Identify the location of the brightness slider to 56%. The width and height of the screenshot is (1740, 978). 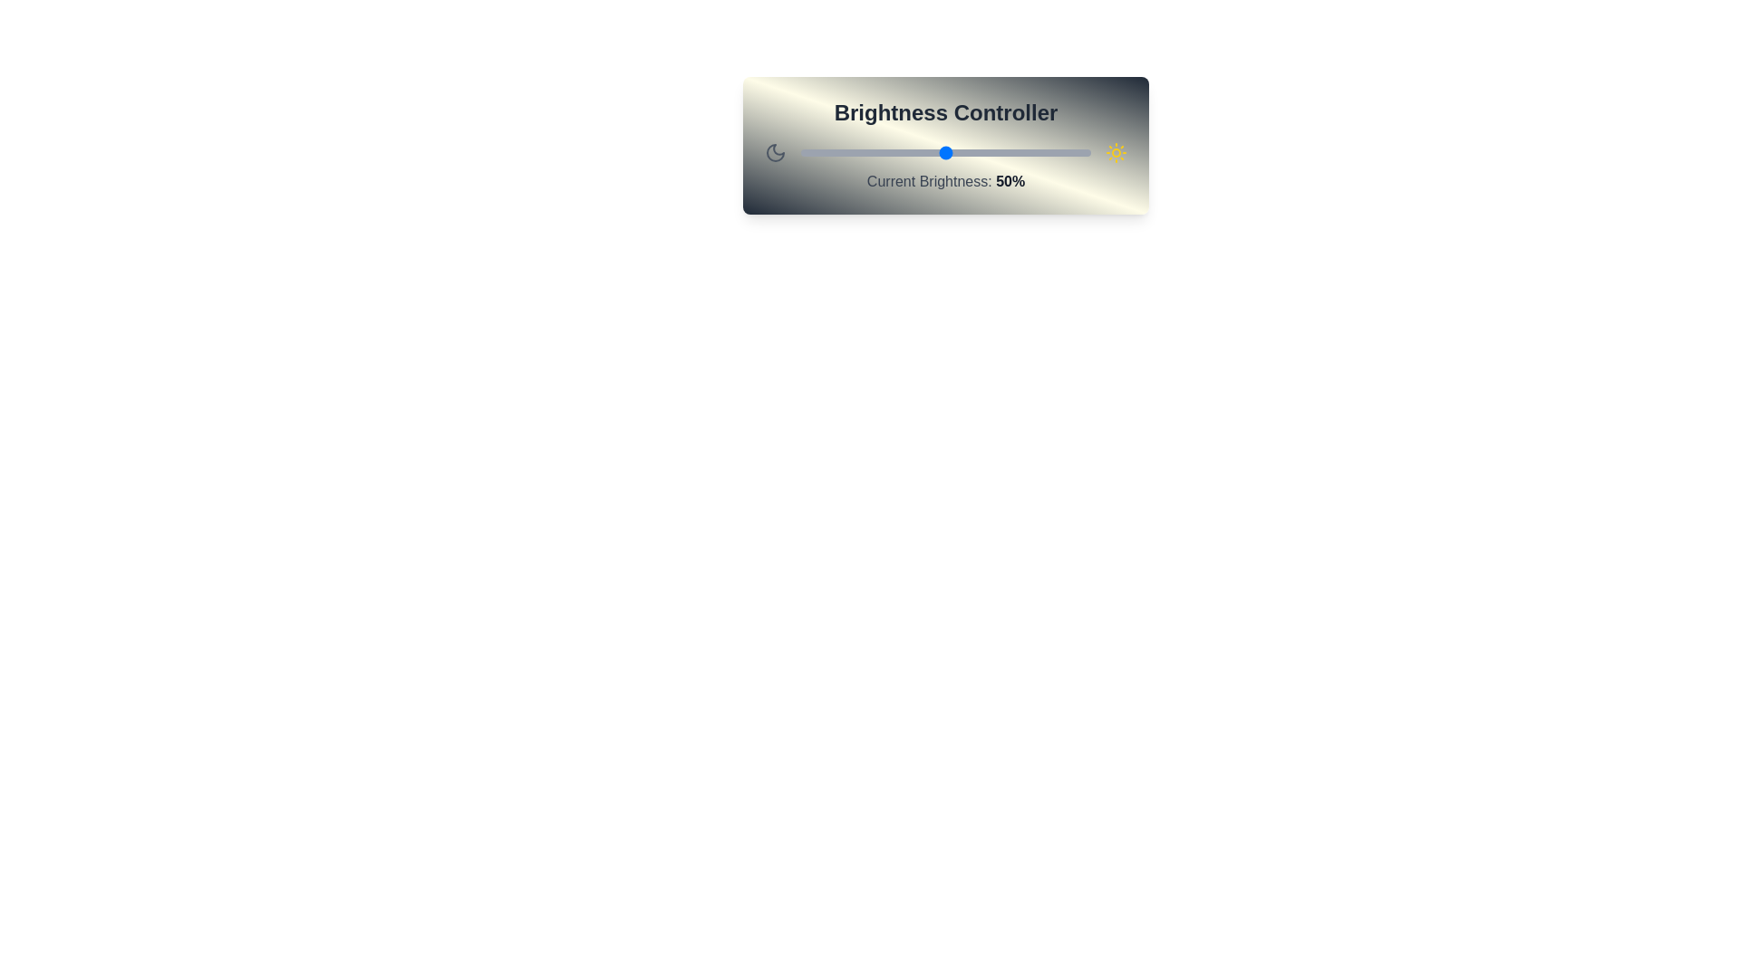
(962, 152).